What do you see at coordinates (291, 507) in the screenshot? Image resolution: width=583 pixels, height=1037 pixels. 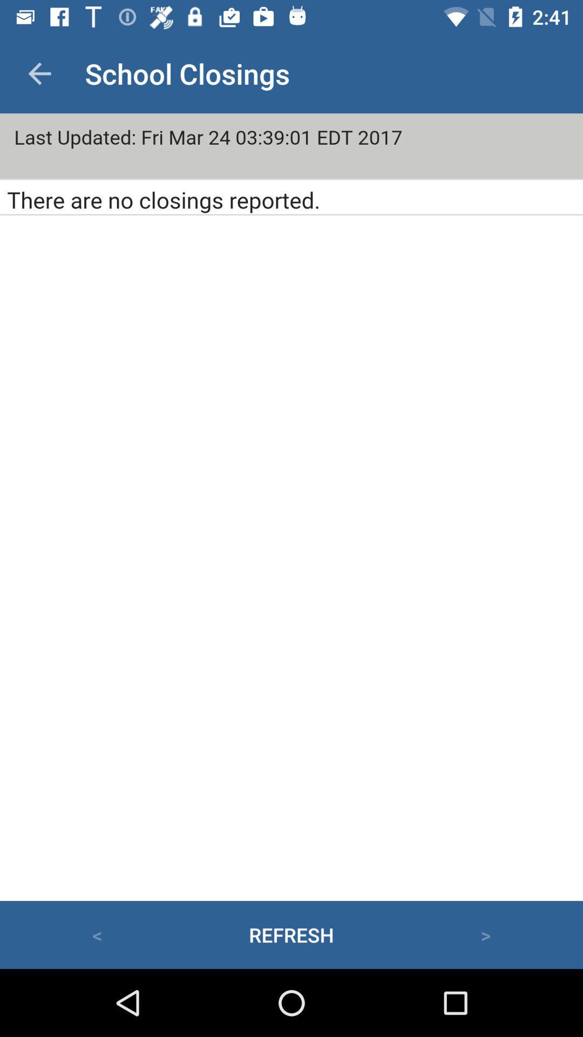 I see `principal screen` at bounding box center [291, 507].